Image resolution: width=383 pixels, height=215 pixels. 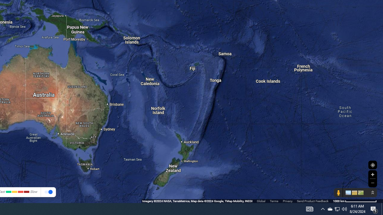 I want to click on 'Zoom in', so click(x=372, y=174).